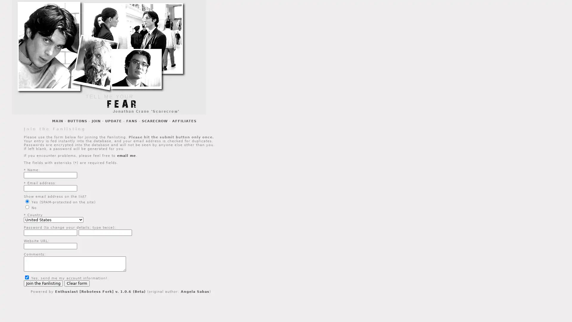 This screenshot has height=322, width=572. What do you see at coordinates (43, 283) in the screenshot?
I see `Join the Fanlisting` at bounding box center [43, 283].